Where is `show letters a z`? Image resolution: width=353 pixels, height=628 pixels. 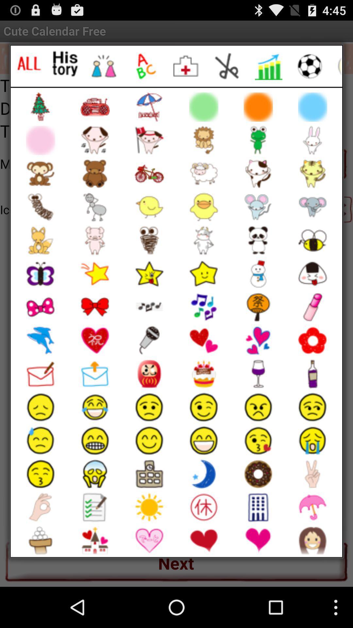 show letters a z is located at coordinates (144, 66).